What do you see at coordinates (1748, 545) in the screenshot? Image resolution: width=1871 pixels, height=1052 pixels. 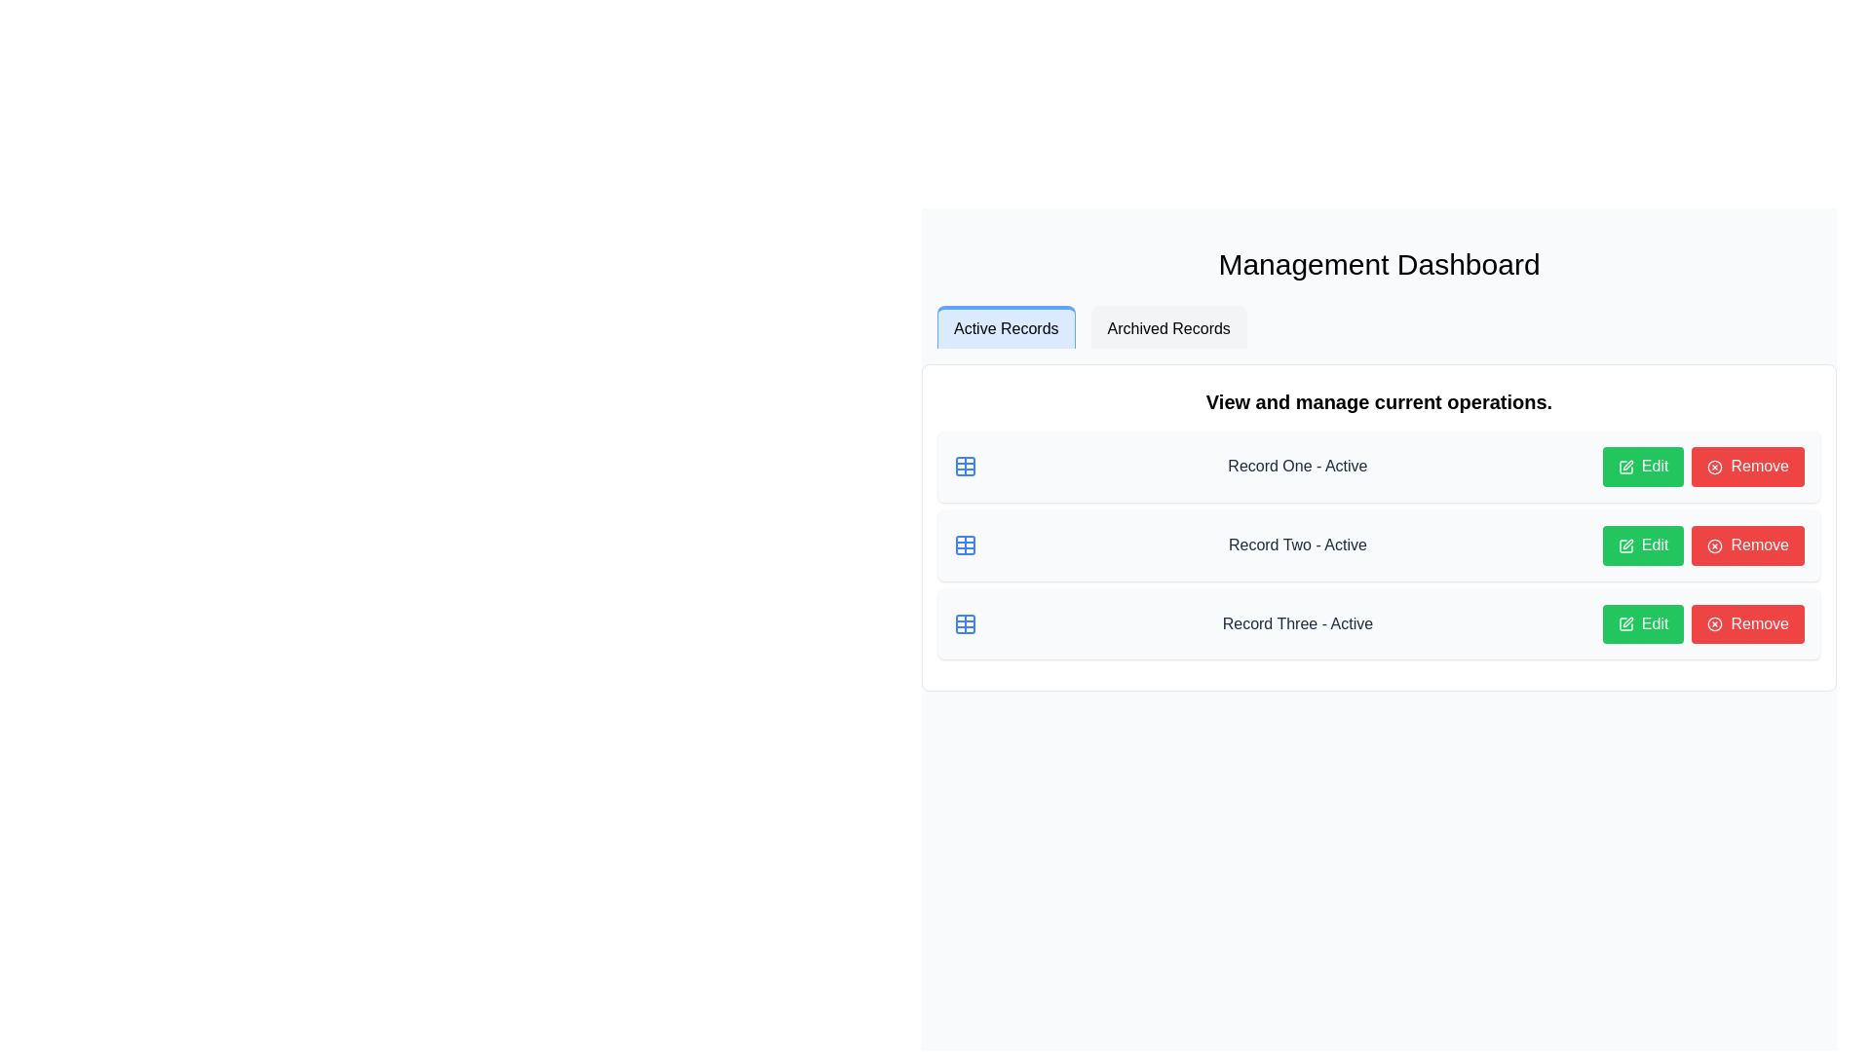 I see `the red rectangular 'Remove' button with rounded corners, containing white text and an 'X' icon, located in the 'Remove' column of the 'Record Two - Active' row` at bounding box center [1748, 545].